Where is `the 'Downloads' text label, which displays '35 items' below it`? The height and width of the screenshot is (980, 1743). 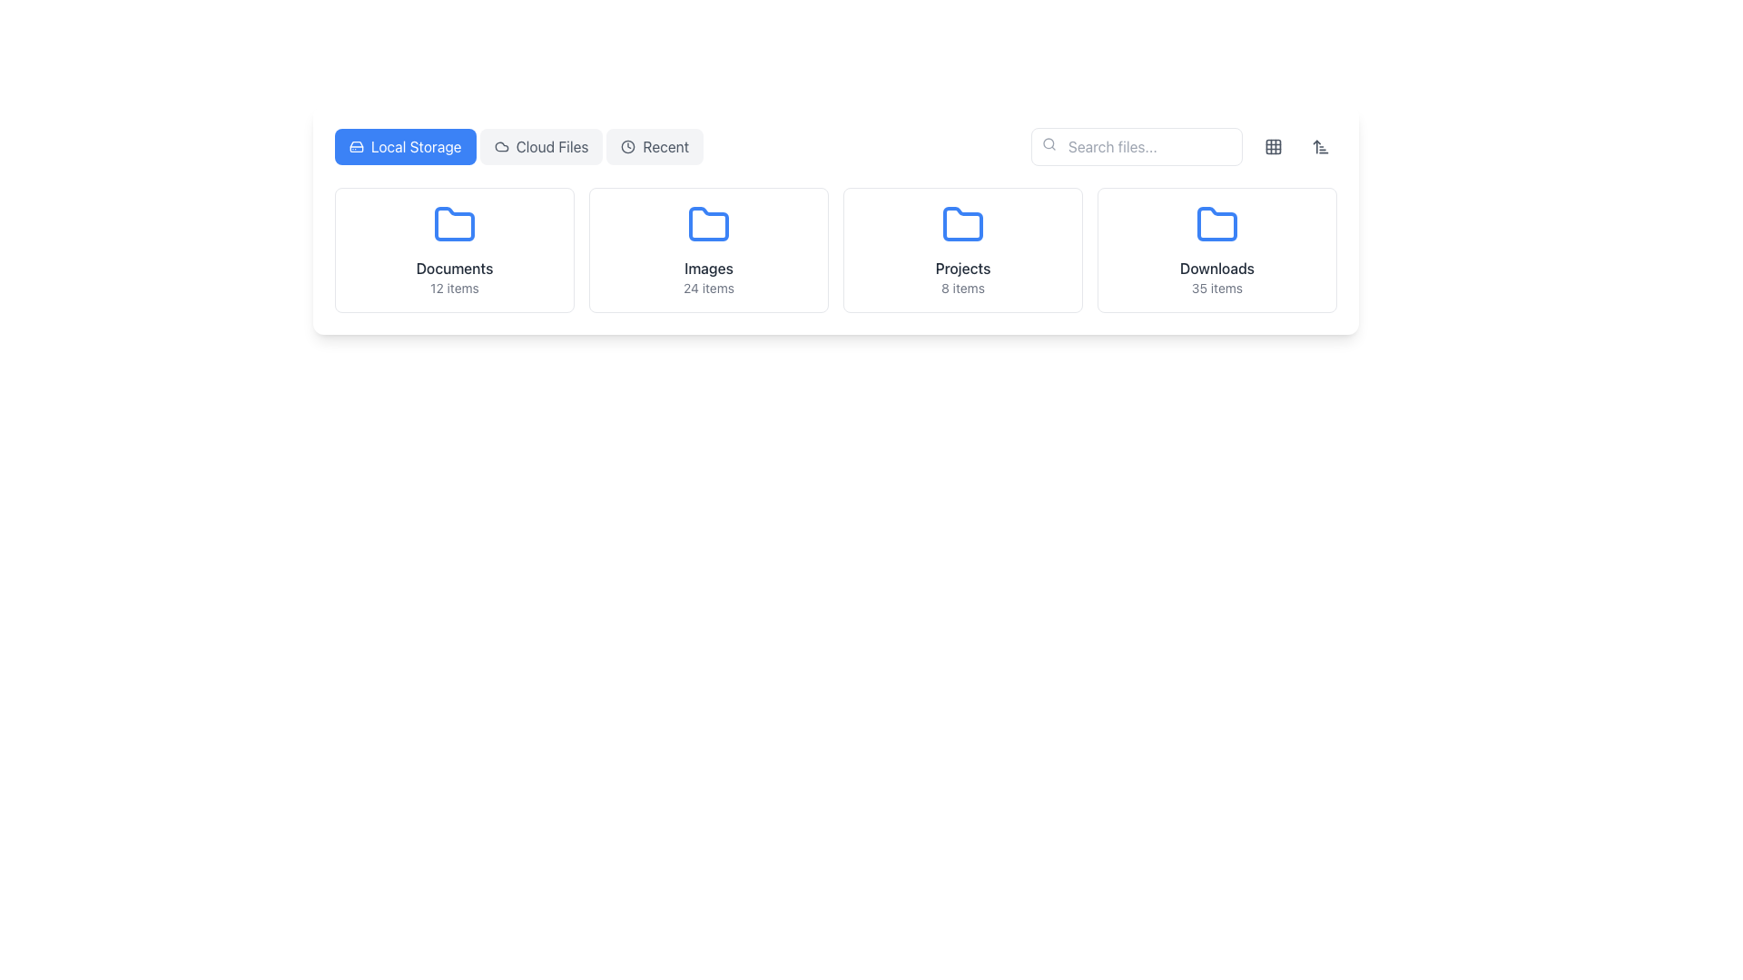 the 'Downloads' text label, which displays '35 items' below it is located at coordinates (1216, 277).